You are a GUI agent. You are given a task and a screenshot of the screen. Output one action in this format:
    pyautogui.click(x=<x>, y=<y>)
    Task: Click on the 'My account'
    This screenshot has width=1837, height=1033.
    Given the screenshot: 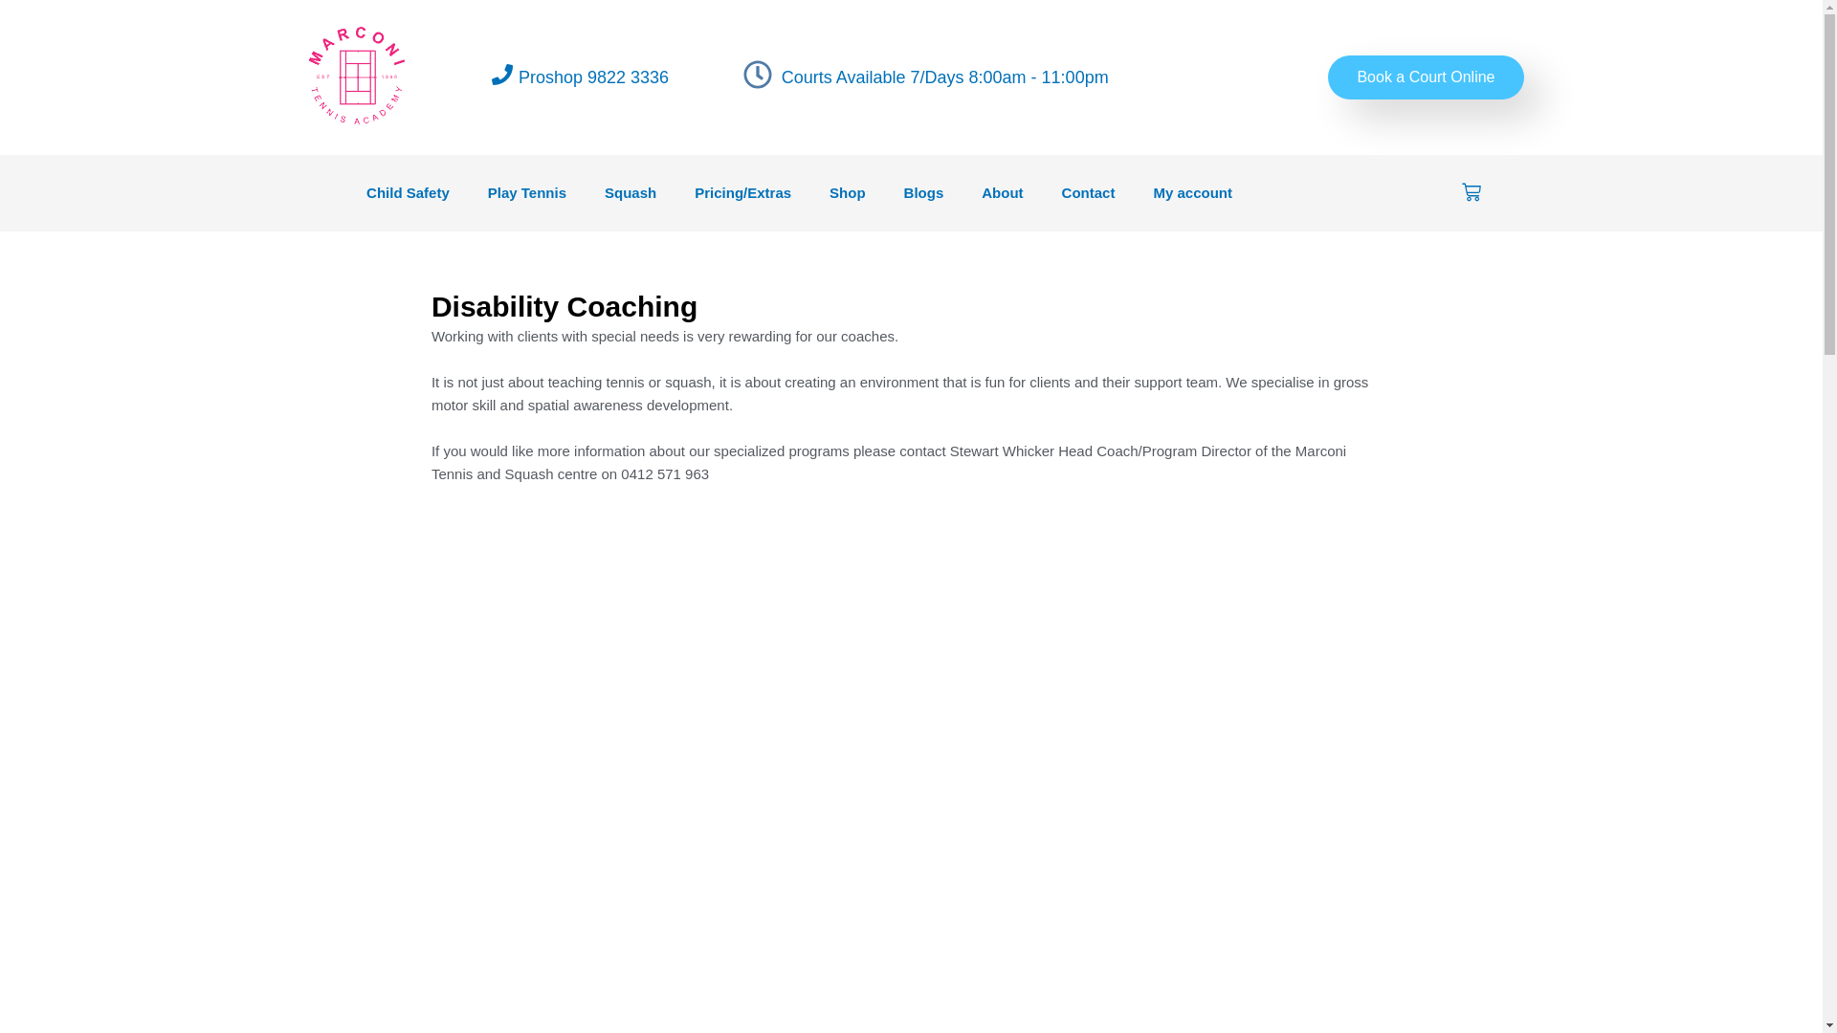 What is the action you would take?
    pyautogui.click(x=1191, y=192)
    